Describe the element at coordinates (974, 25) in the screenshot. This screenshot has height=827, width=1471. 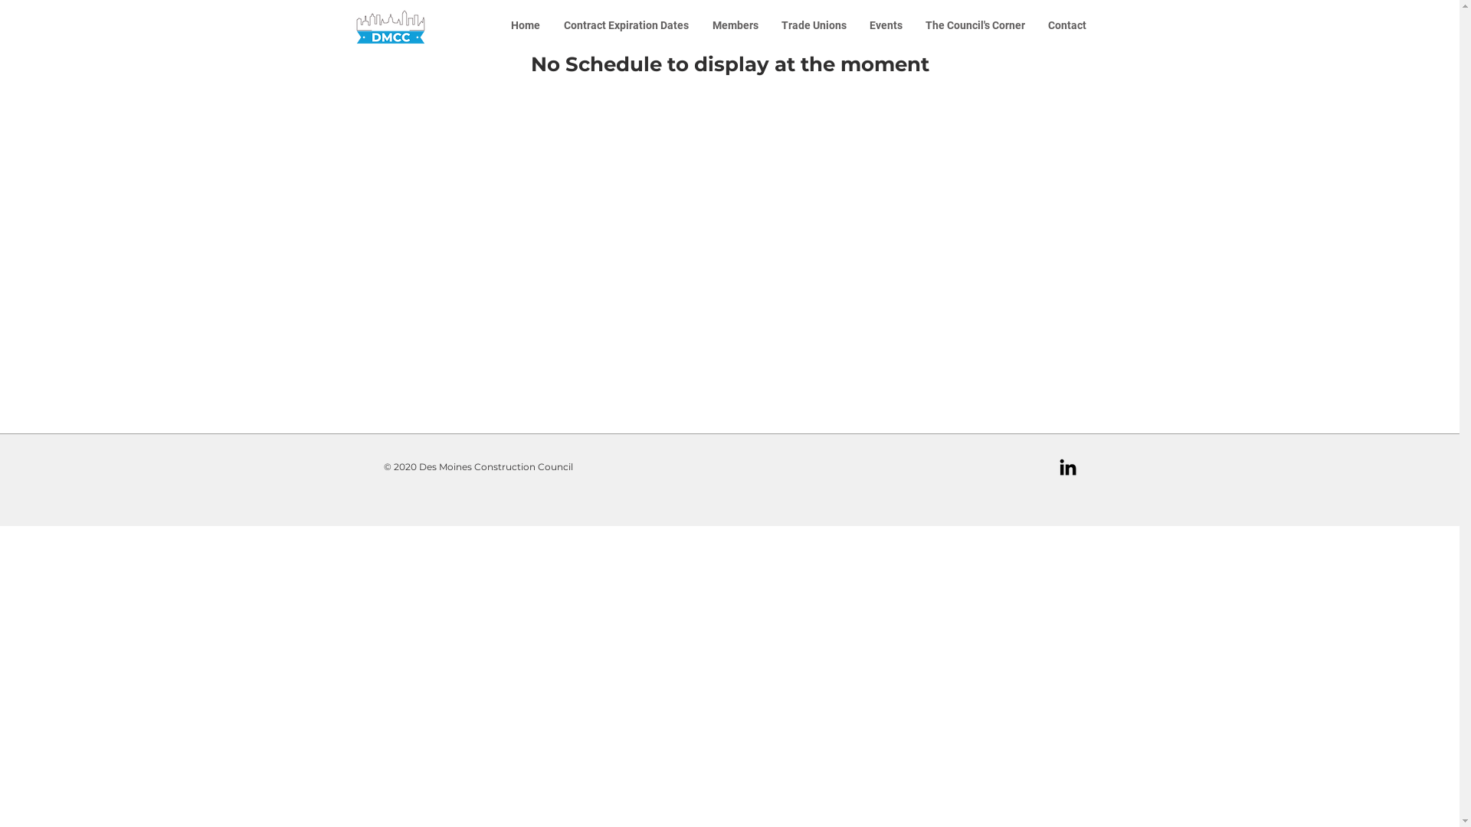
I see `'The Council's Corner'` at that location.